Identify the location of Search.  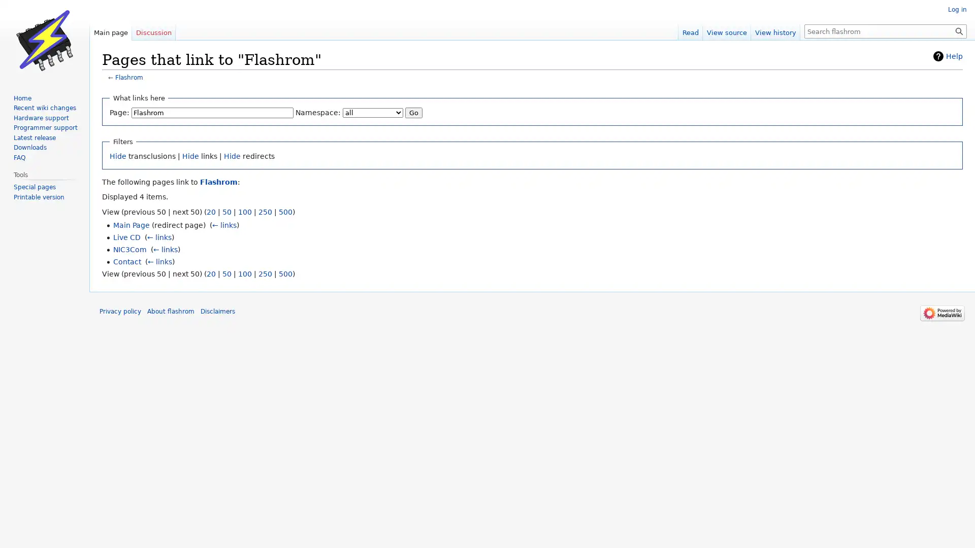
(959, 30).